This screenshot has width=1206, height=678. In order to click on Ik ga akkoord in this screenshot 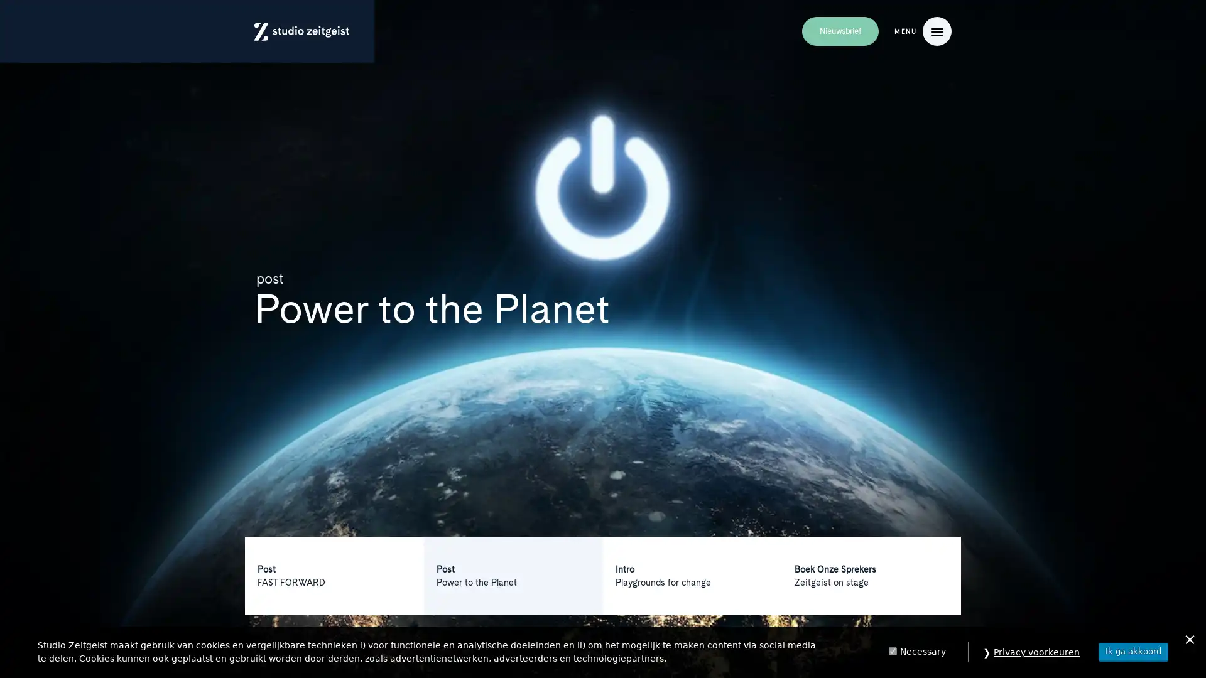, I will do `click(1133, 650)`.